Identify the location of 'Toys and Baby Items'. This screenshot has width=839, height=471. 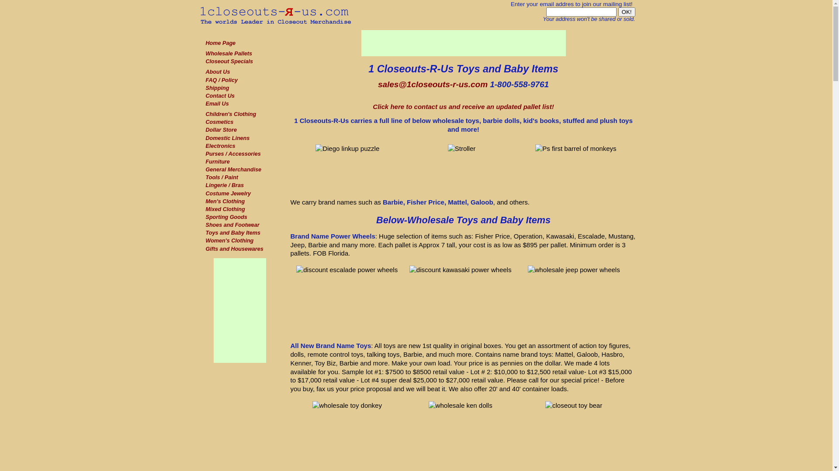
(232, 232).